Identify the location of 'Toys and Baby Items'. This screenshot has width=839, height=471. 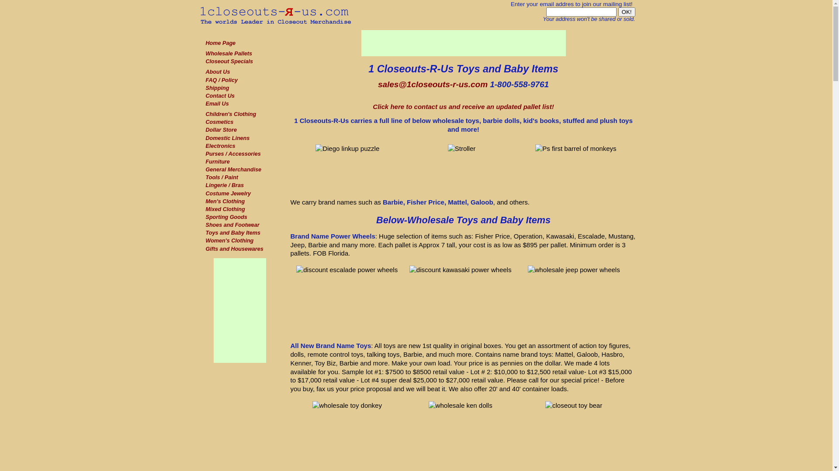
(232, 232).